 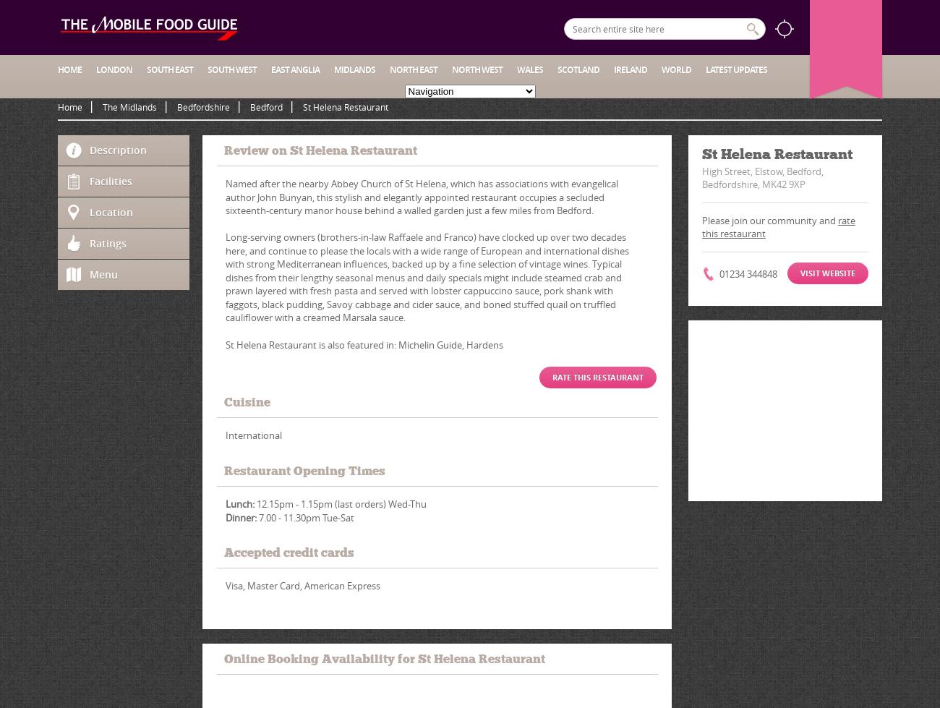 What do you see at coordinates (147, 69) in the screenshot?
I see `'South East'` at bounding box center [147, 69].